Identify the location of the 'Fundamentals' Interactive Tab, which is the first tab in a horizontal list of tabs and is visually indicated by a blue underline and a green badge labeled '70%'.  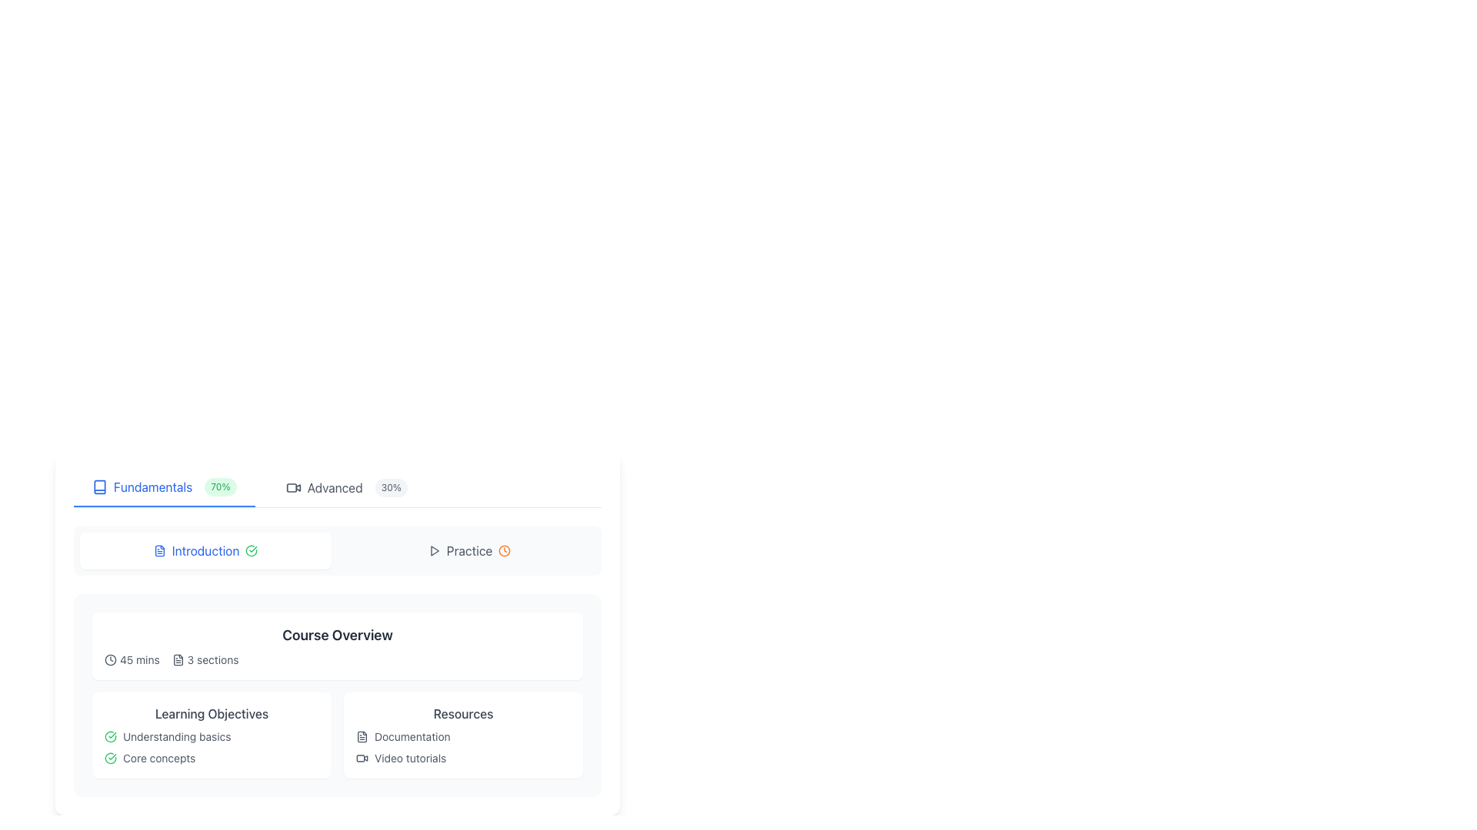
(164, 488).